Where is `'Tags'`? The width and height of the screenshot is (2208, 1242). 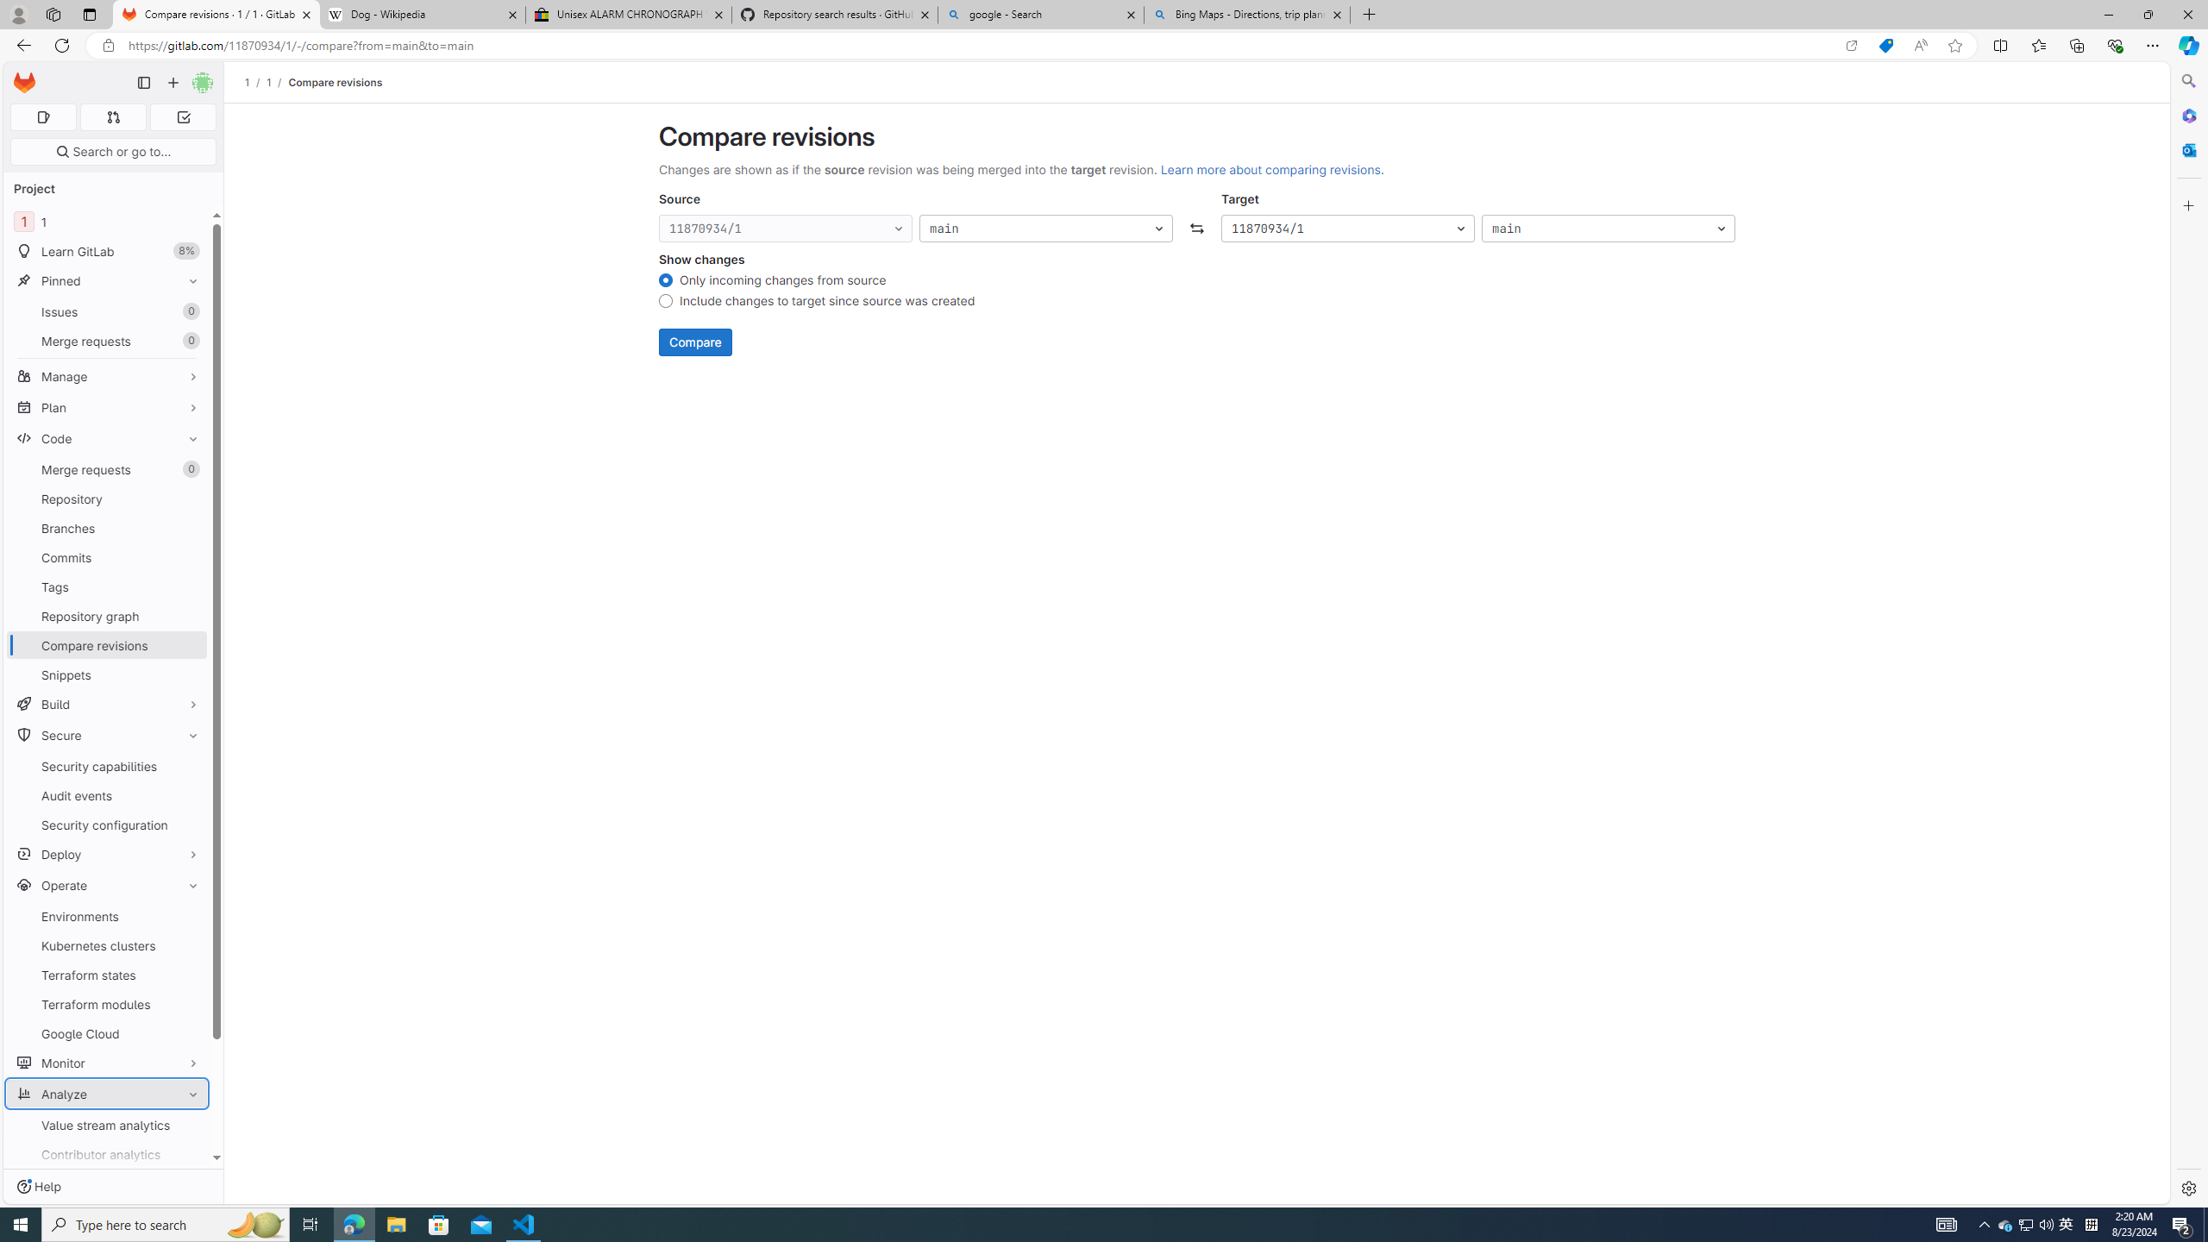 'Tags' is located at coordinates (106, 586).